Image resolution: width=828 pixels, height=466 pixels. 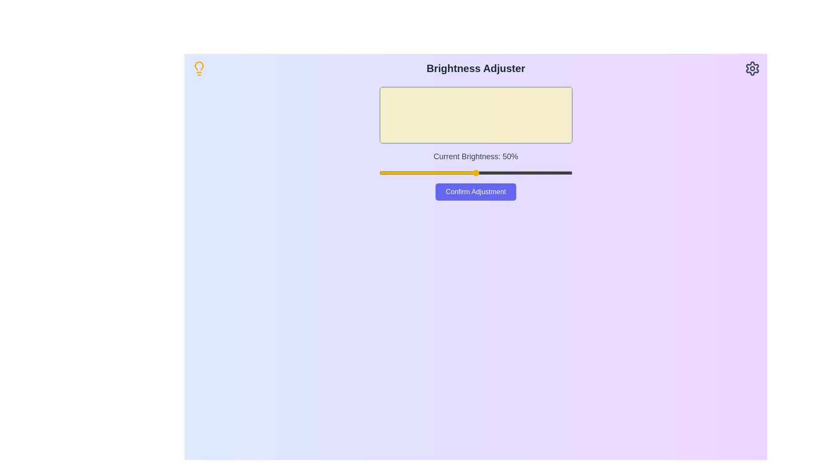 What do you see at coordinates (543, 173) in the screenshot?
I see `the brightness slider to 85%` at bounding box center [543, 173].